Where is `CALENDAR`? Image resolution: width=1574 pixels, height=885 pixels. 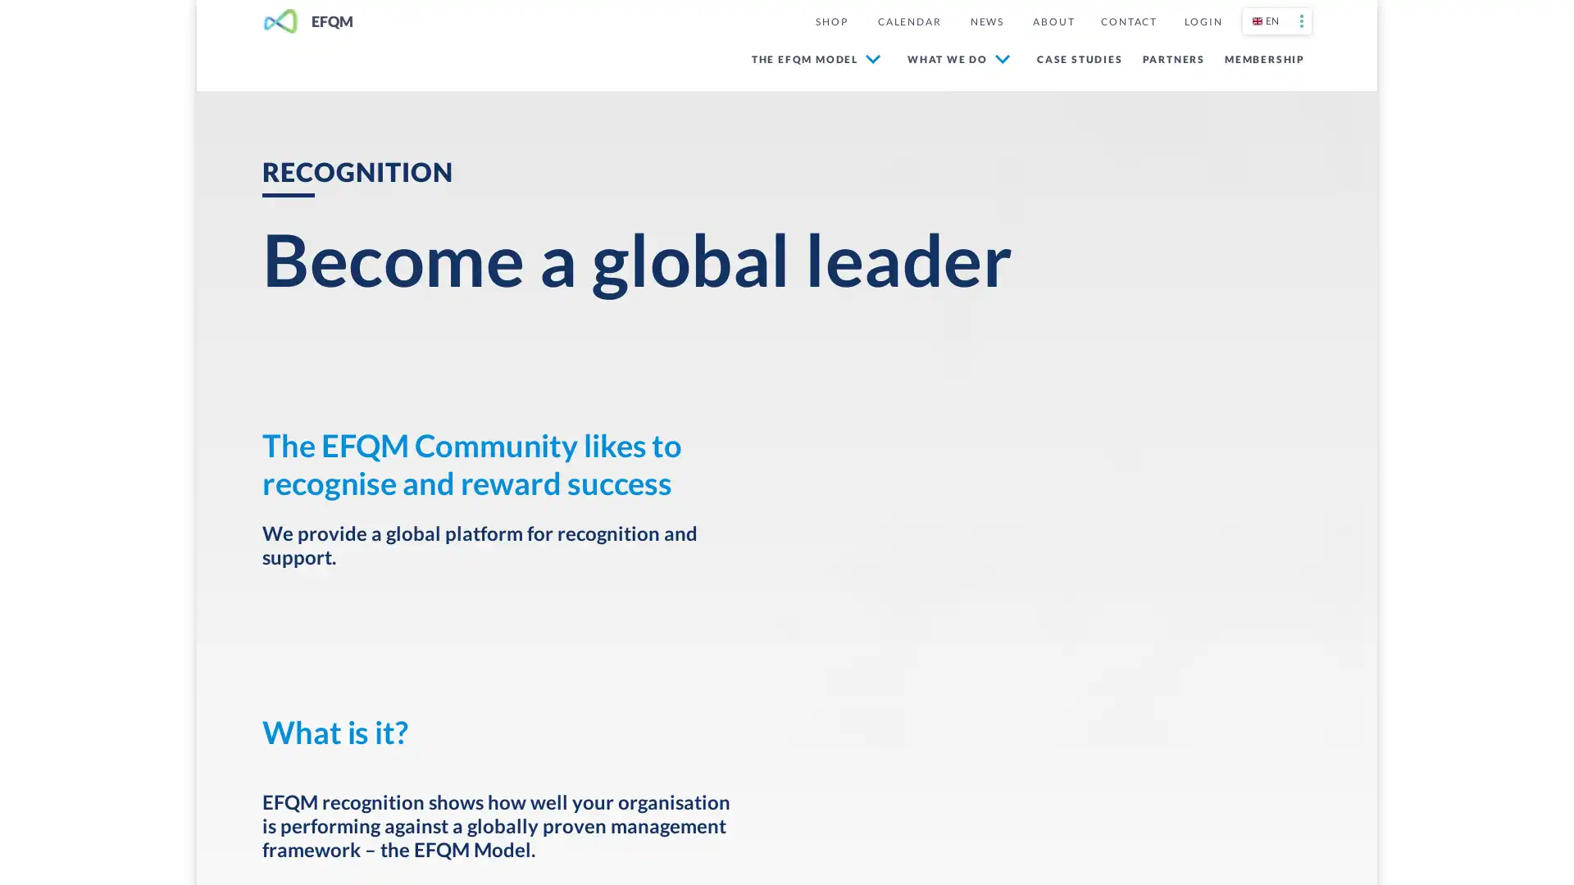
CALENDAR is located at coordinates (908, 21).